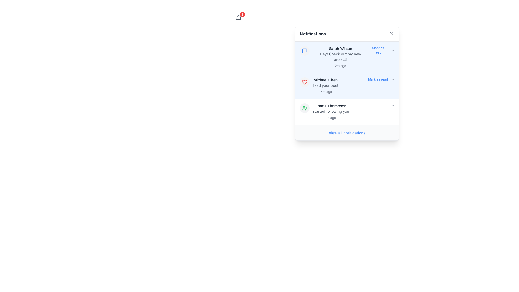 The image size is (519, 292). What do you see at coordinates (381, 79) in the screenshot?
I see `the clickable text link styled as an action trigger located in the top-right section of the notification card for Michael Chen's interaction` at bounding box center [381, 79].